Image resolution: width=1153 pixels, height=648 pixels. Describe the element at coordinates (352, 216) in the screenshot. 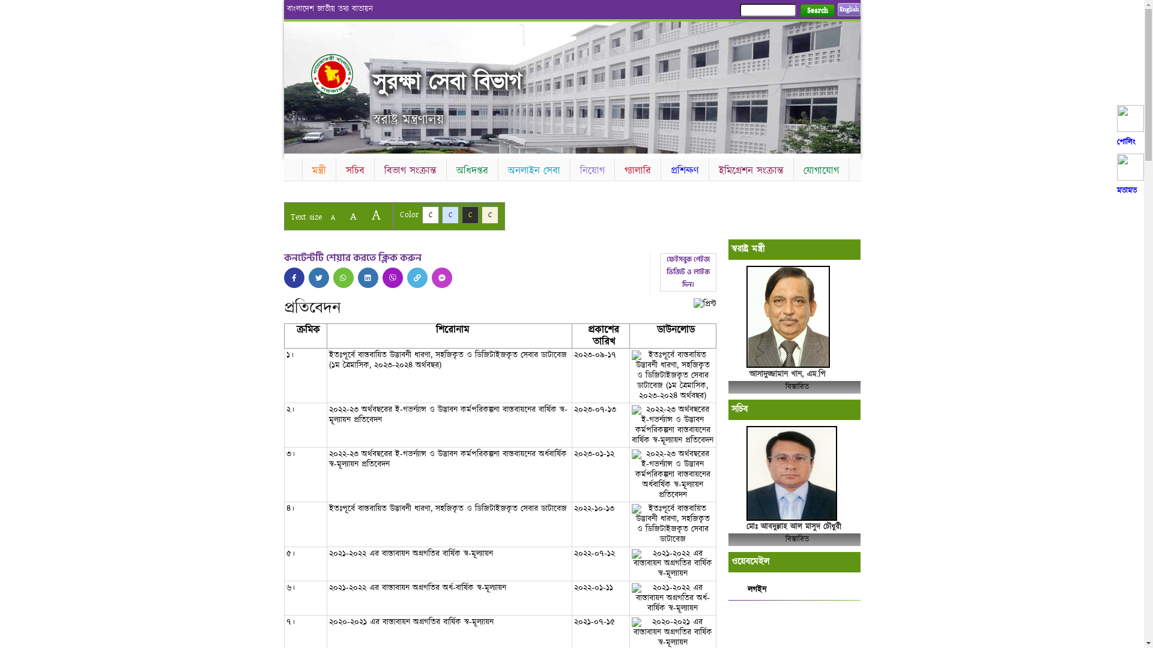

I see `'A'` at that location.